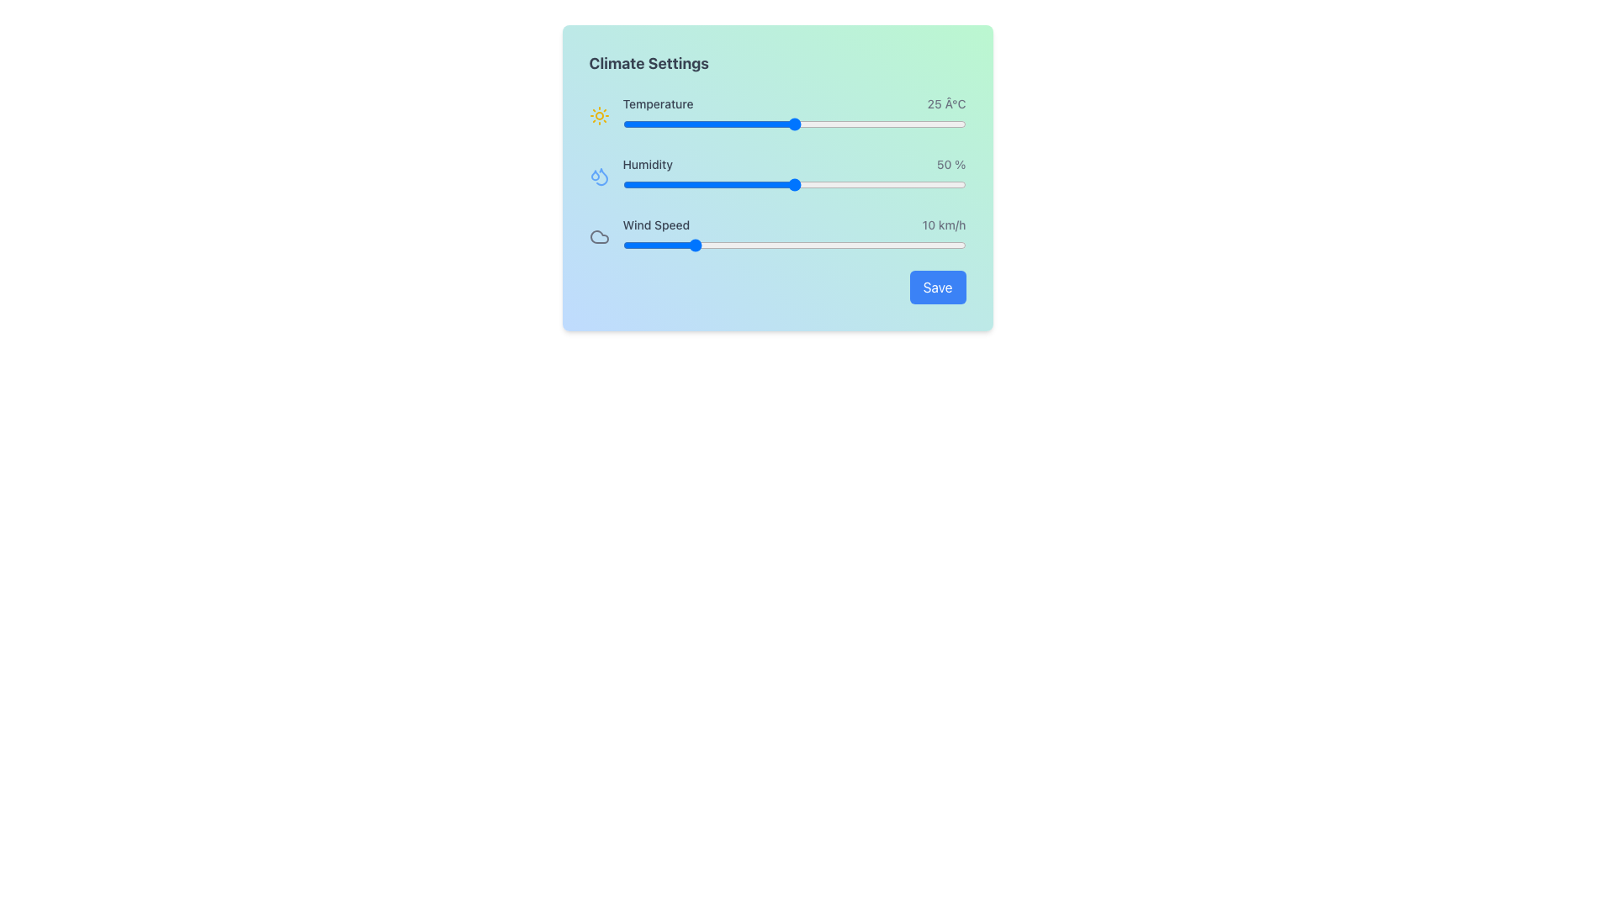 The height and width of the screenshot is (908, 1615). I want to click on the humidity, so click(780, 184).